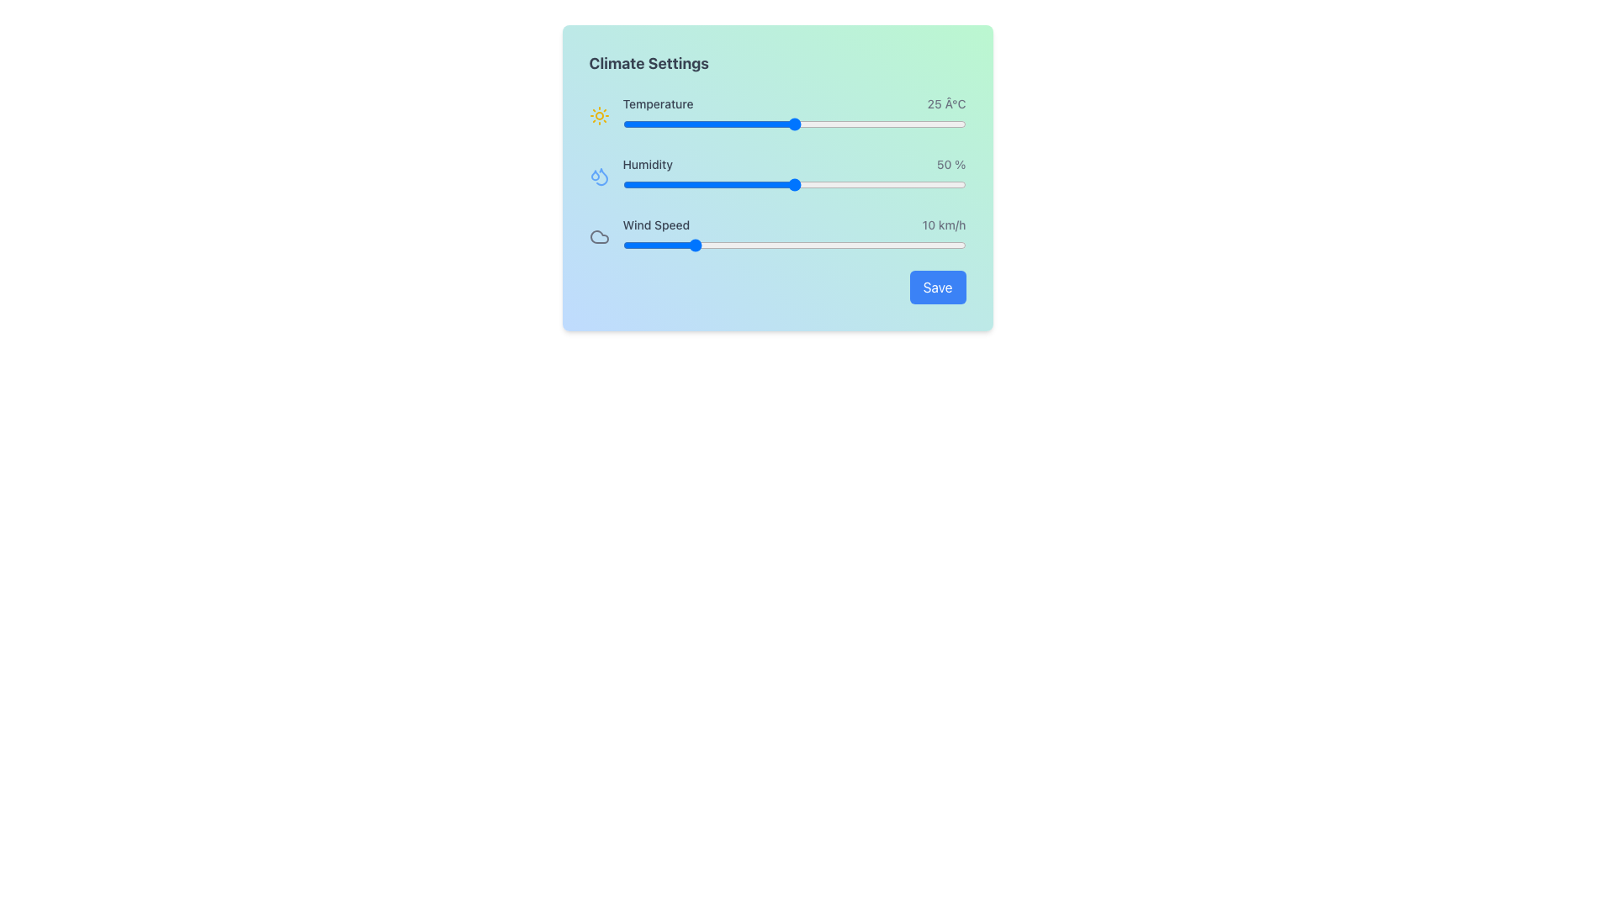 The height and width of the screenshot is (908, 1615). I want to click on the humidity, so click(780, 184).